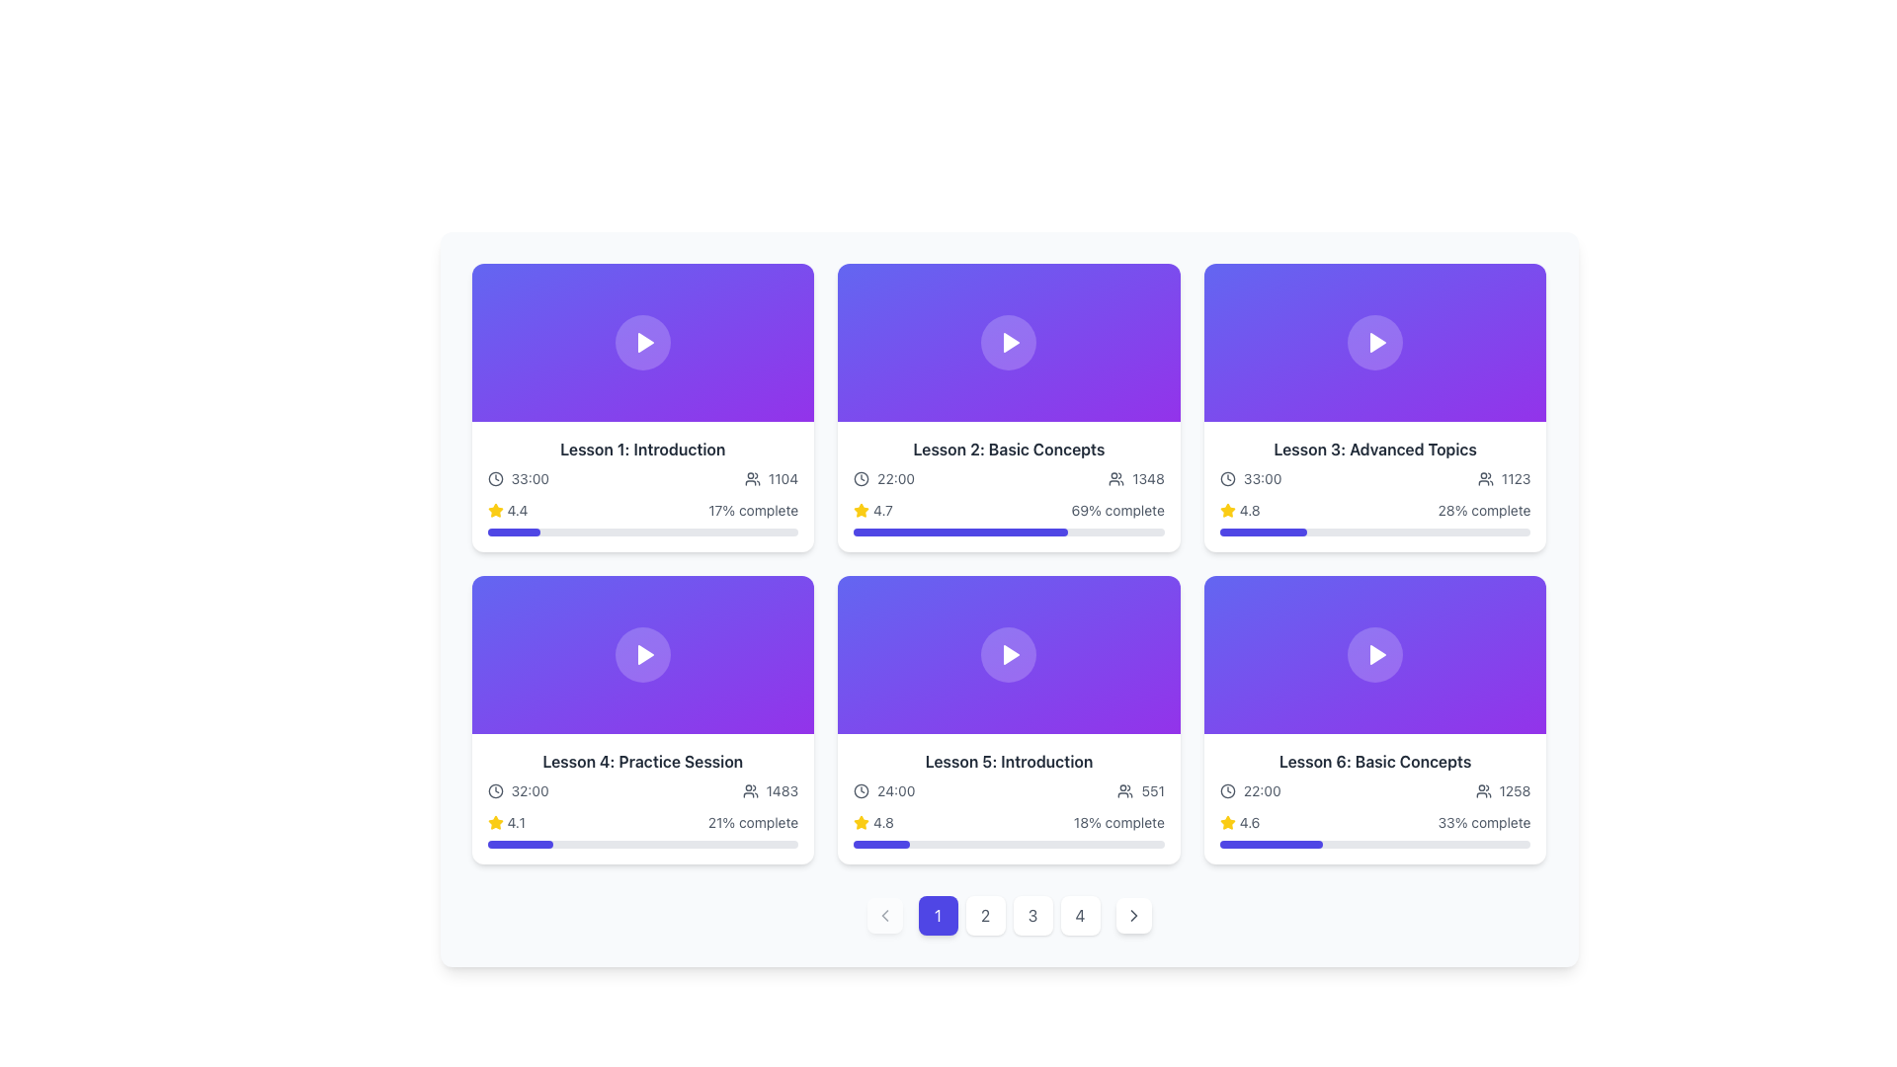  What do you see at coordinates (642, 798) in the screenshot?
I see `the Lesson overview card for 'Lesson 4: Practice Session' which is located in the second row, first column of the grid layout, directly below 'Lesson 3: Advanced Topics'` at bounding box center [642, 798].